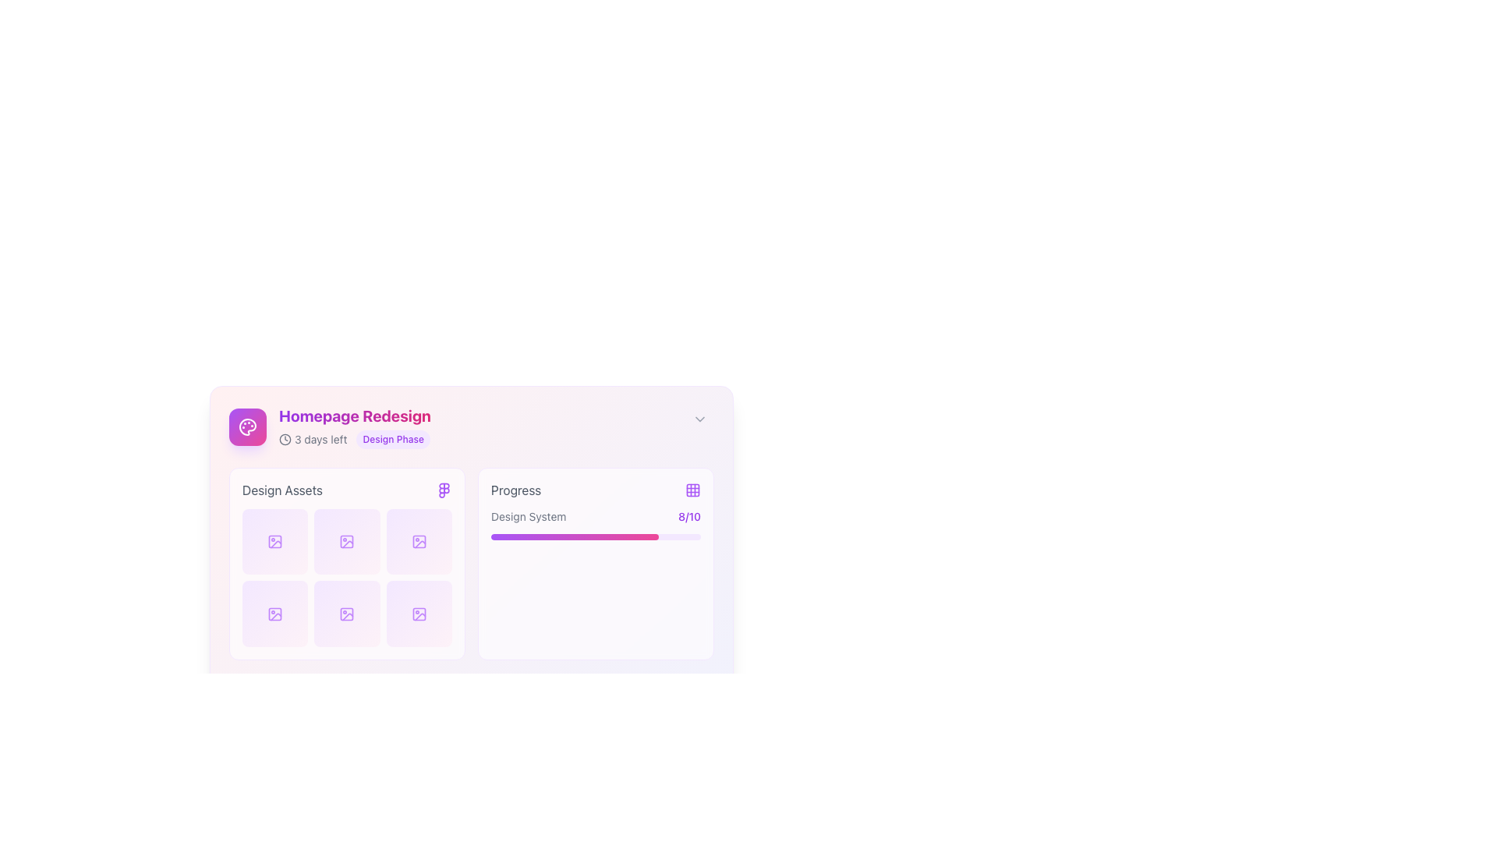 This screenshot has width=1497, height=842. What do you see at coordinates (419, 541) in the screenshot?
I see `the SVG rectangle with rounded corners located in the bottom-right corner of the fourth cell in the 'Design Assets' section` at bounding box center [419, 541].